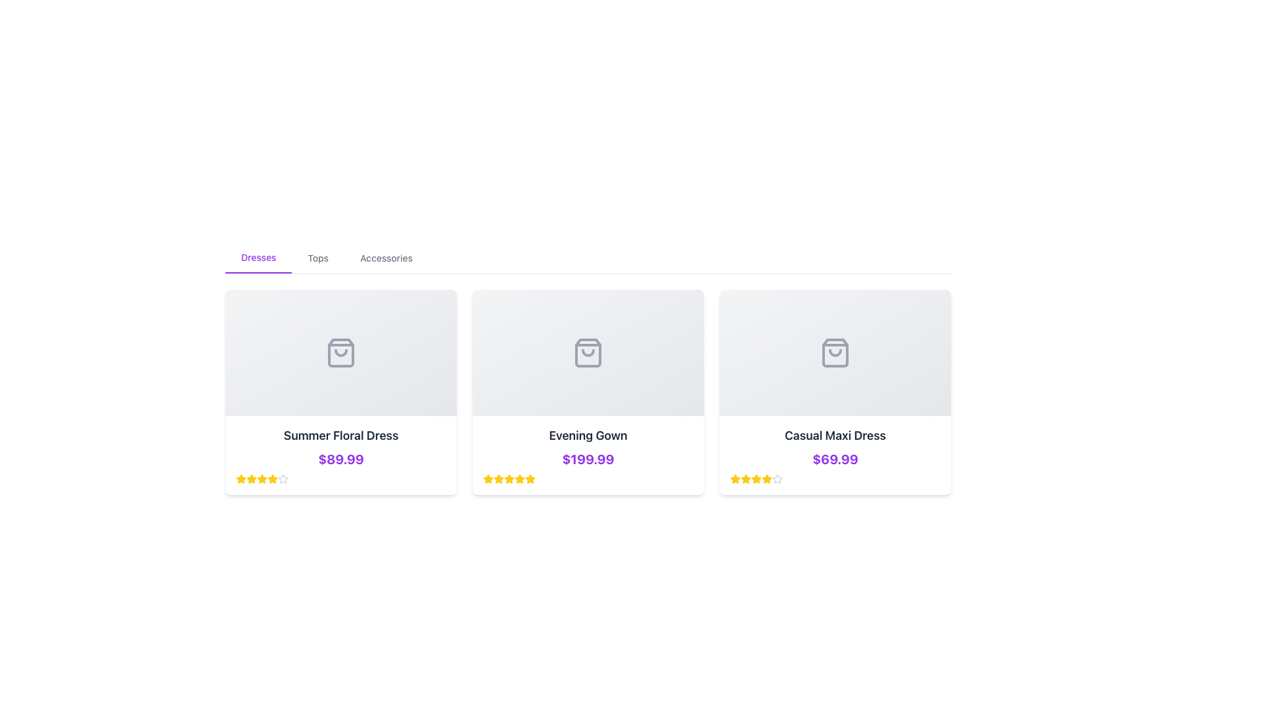 This screenshot has height=710, width=1262. Describe the element at coordinates (587, 455) in the screenshot. I see `the Information panel displaying details about the 'Evening Gown', which is positioned as the second item in a group of three product displays` at that location.